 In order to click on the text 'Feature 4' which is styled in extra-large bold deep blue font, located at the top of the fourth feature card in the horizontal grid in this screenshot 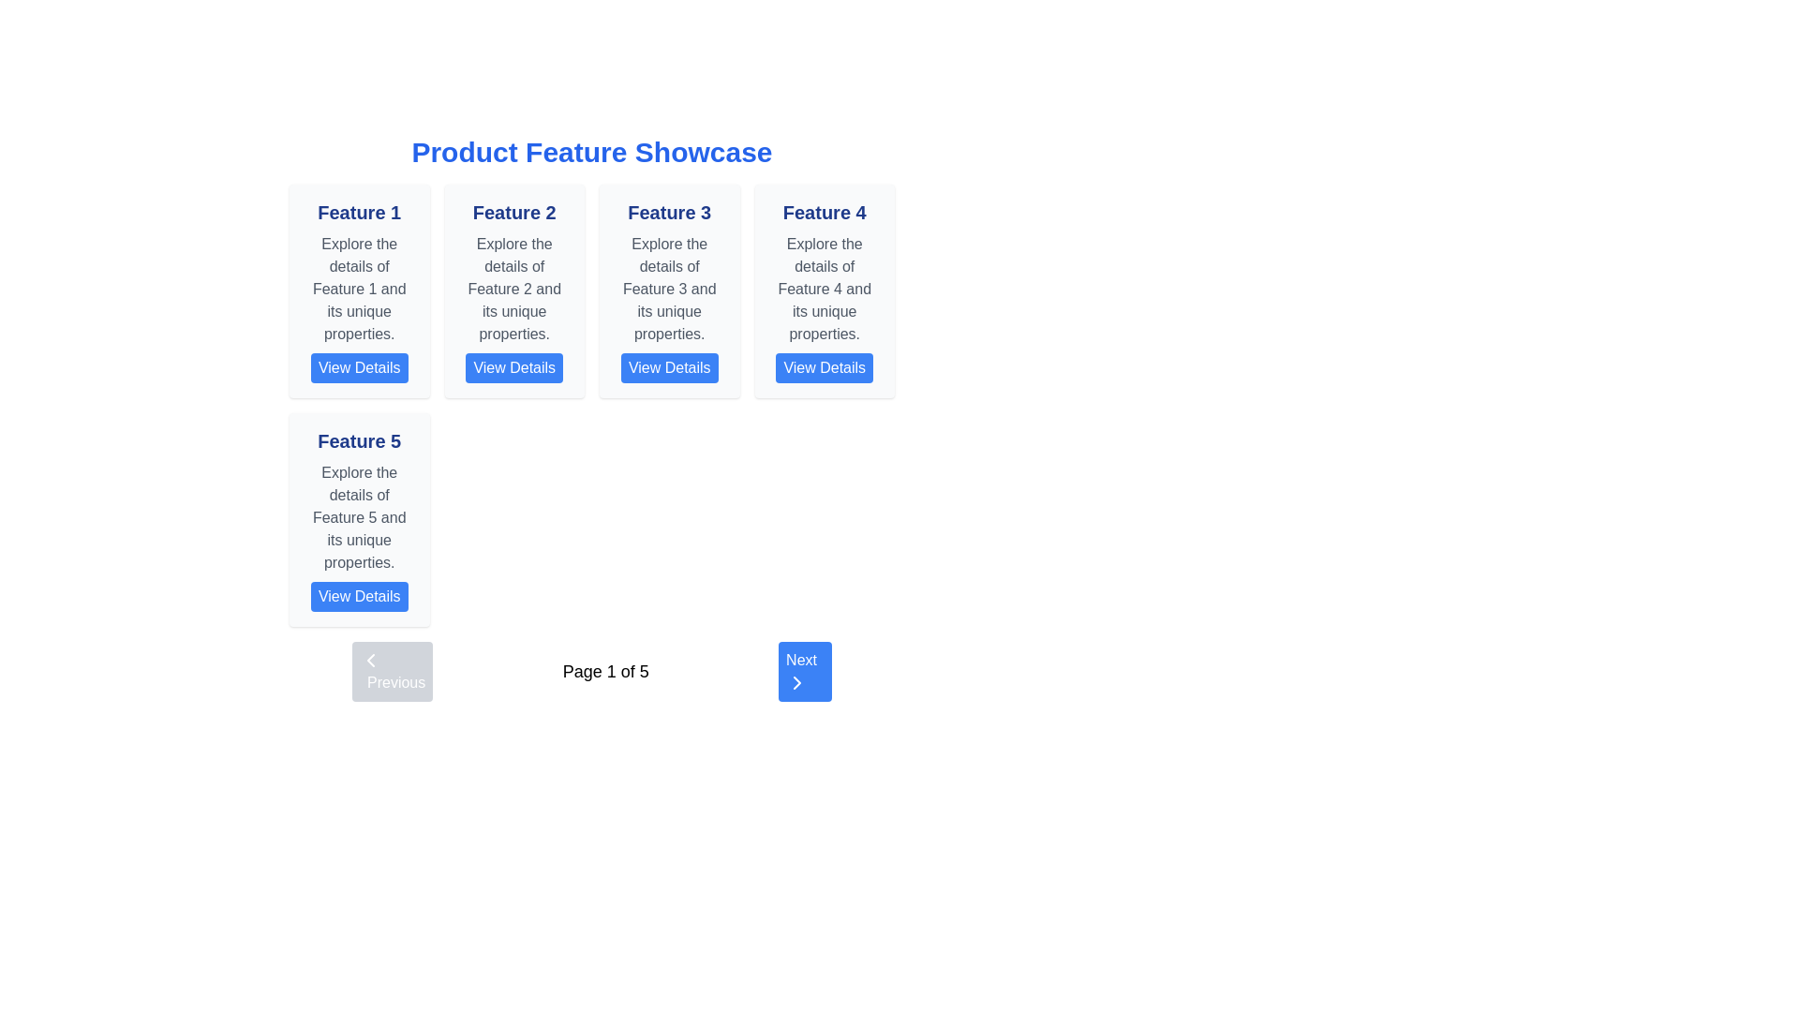, I will do `click(824, 212)`.